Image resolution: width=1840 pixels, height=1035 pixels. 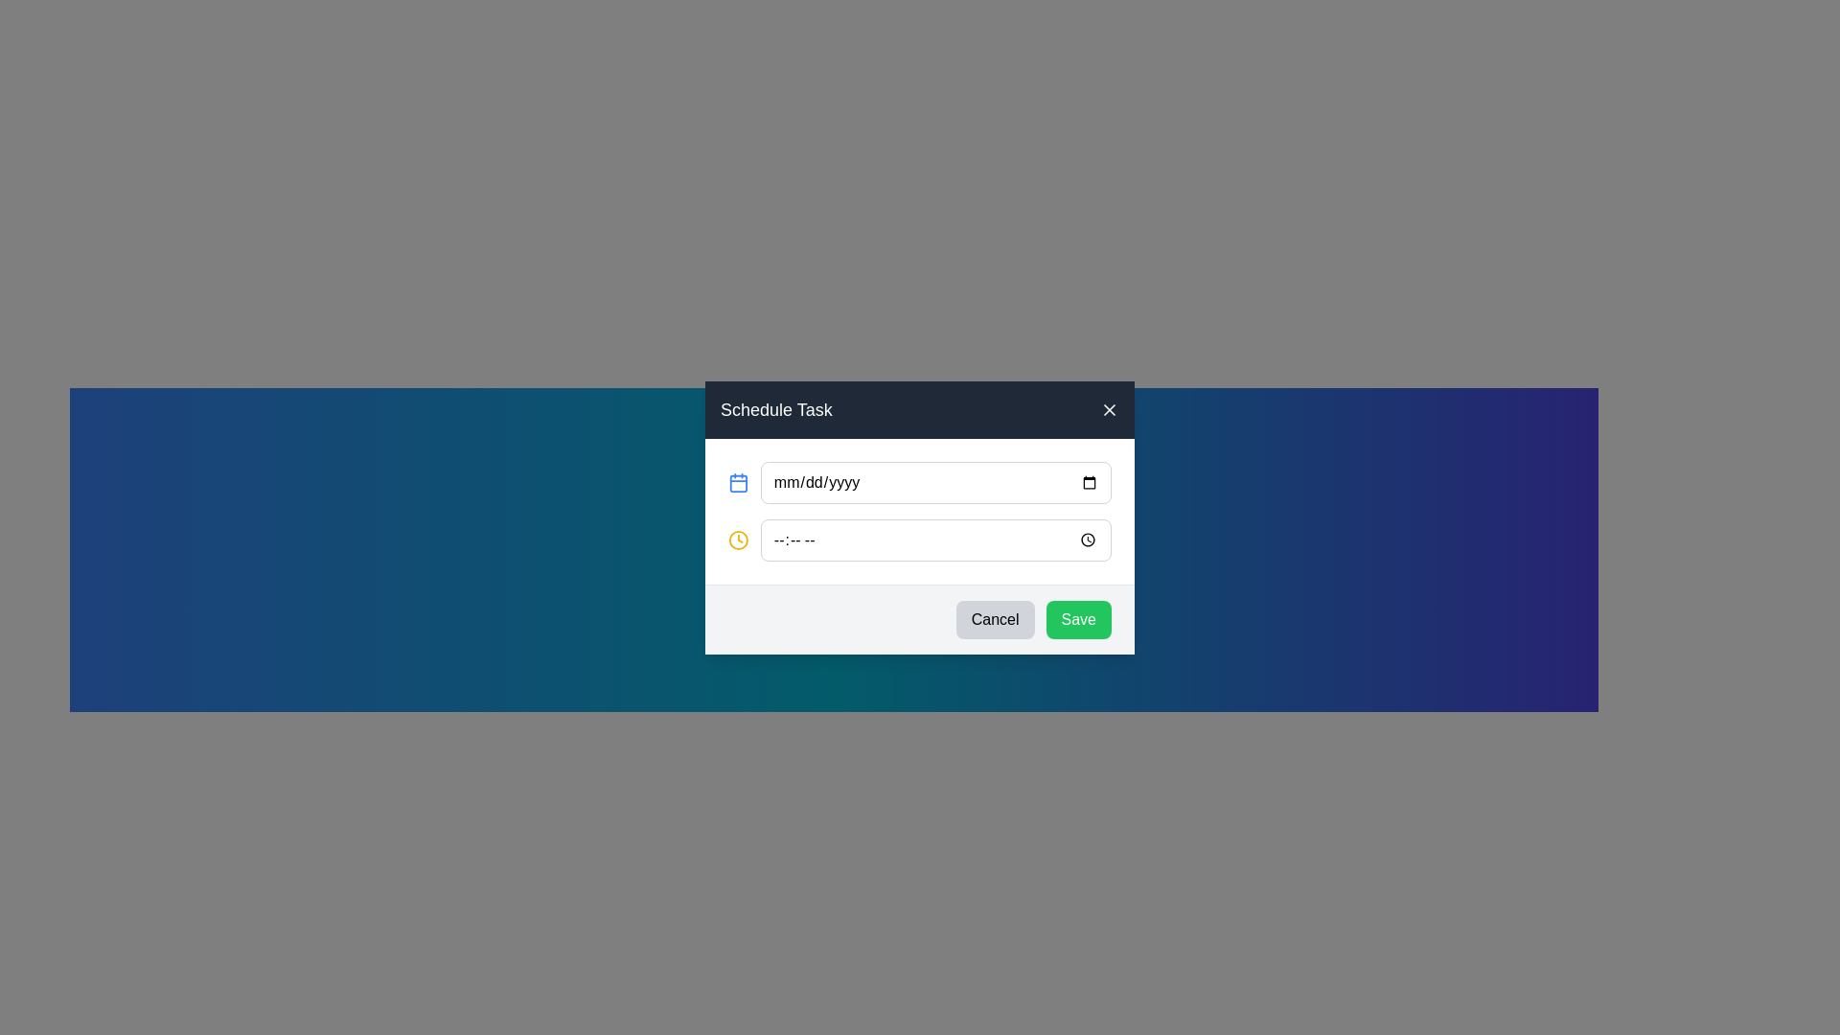 What do you see at coordinates (776, 408) in the screenshot?
I see `the 'Schedule Task' static text label, which is displayed in large white text on a dark gray background within the header bar of the dialog box` at bounding box center [776, 408].